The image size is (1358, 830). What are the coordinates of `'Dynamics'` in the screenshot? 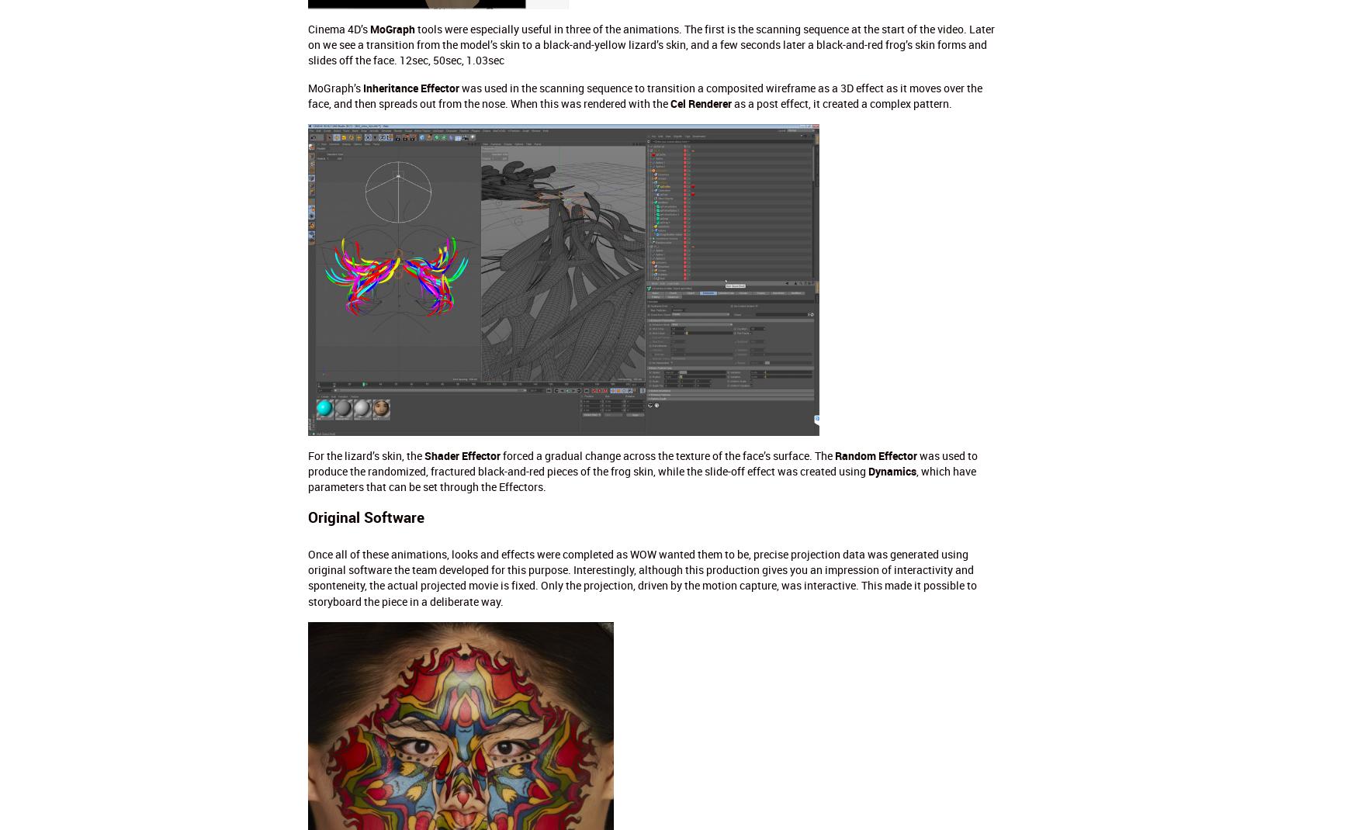 It's located at (891, 469).